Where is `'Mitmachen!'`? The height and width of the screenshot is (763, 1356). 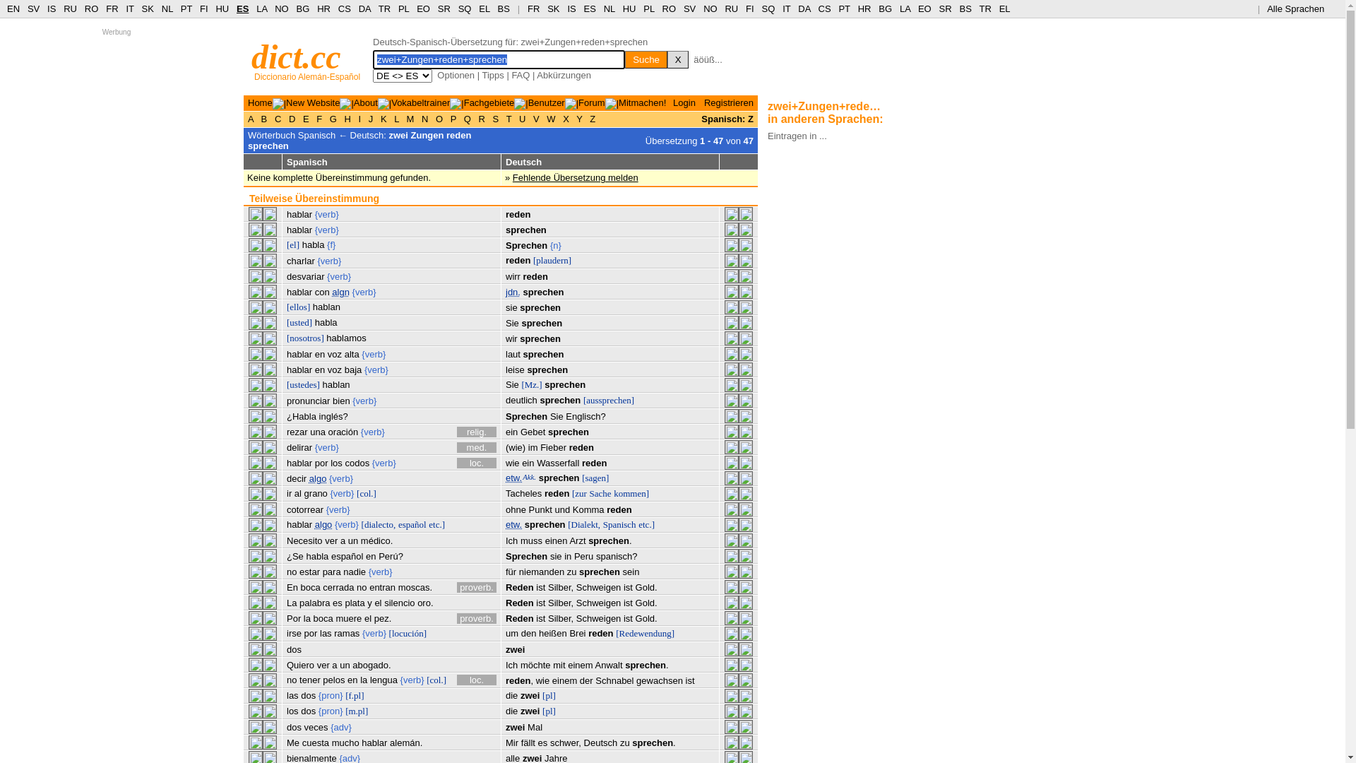
'Mitmachen!' is located at coordinates (641, 102).